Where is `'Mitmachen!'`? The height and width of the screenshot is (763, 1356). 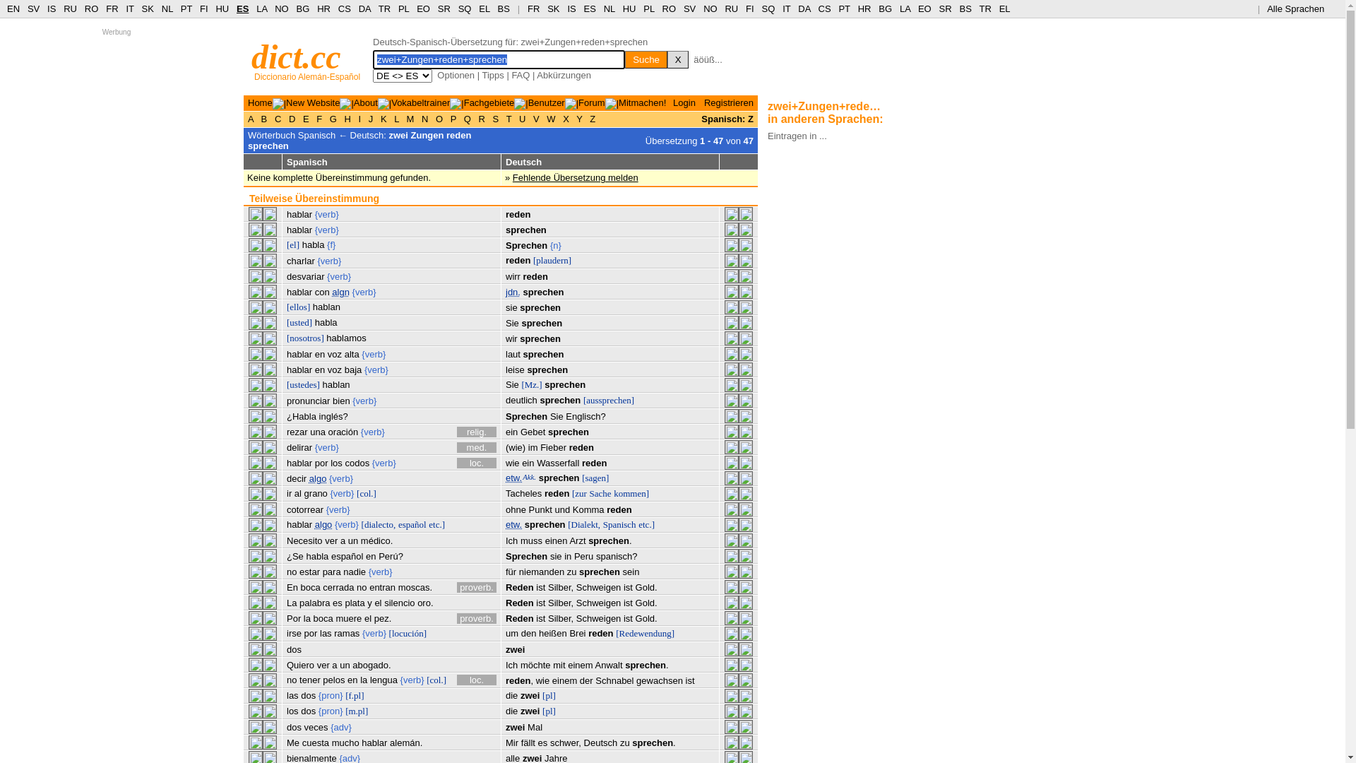
'Mitmachen!' is located at coordinates (641, 102).